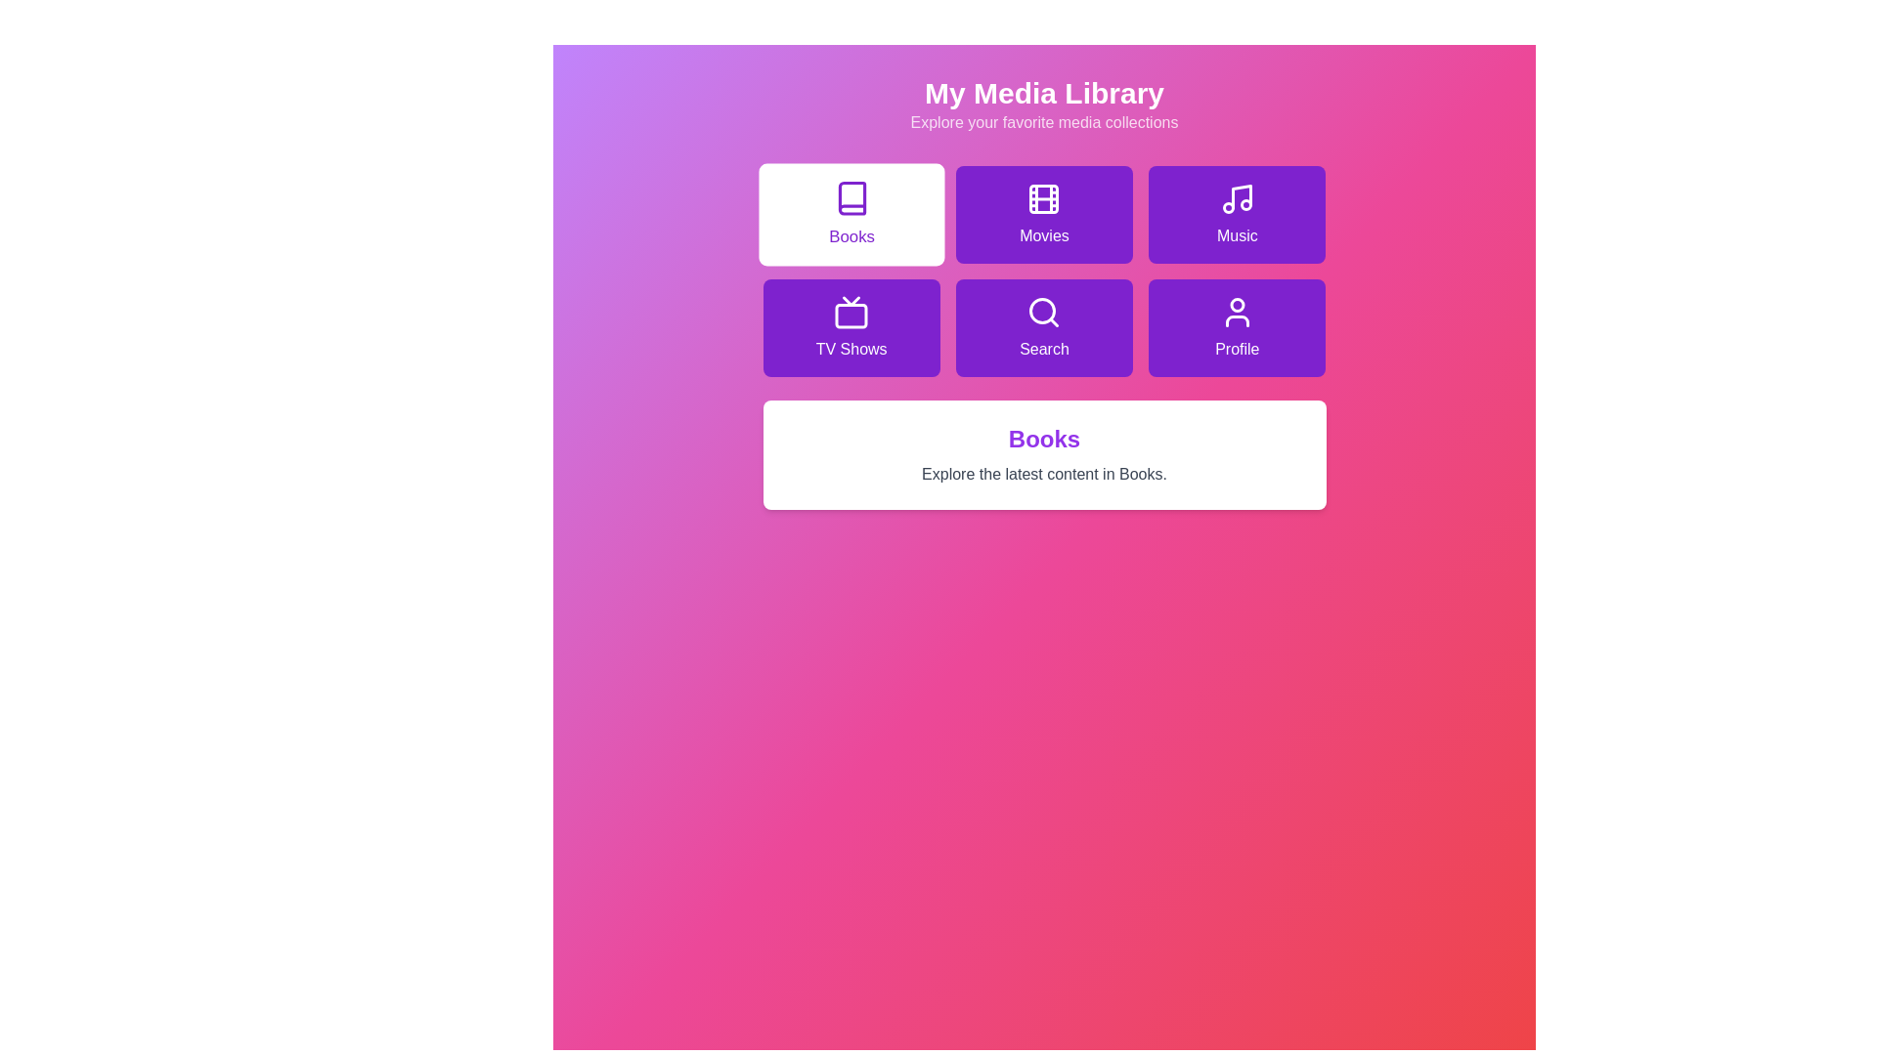 This screenshot has height=1055, width=1877. I want to click on the search button located in the bottom row, second column of the grid layout, so click(1043, 326).